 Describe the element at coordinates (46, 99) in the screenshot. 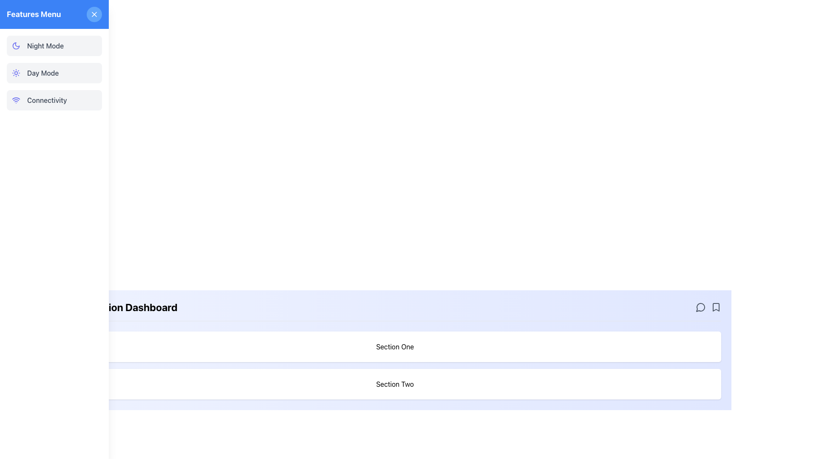

I see `text label 'Connectivity' which is the third item in a group of options in the left panel of the interface, after 'Night Mode' and 'Day Mode'` at that location.